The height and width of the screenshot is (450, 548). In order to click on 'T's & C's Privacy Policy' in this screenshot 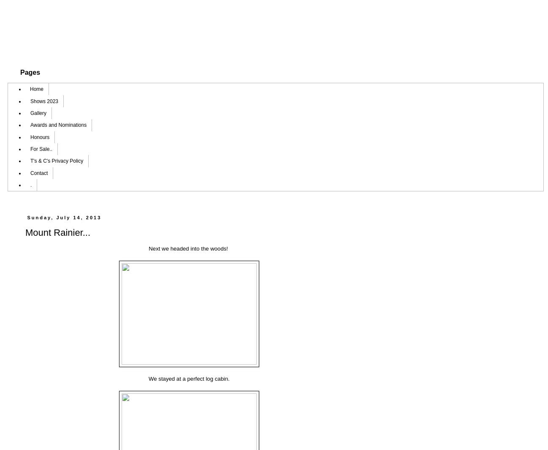, I will do `click(56, 160)`.